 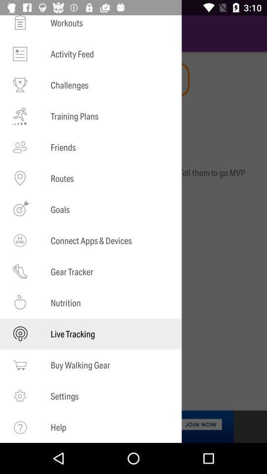 I want to click on the icon in ninth option, so click(x=20, y=272).